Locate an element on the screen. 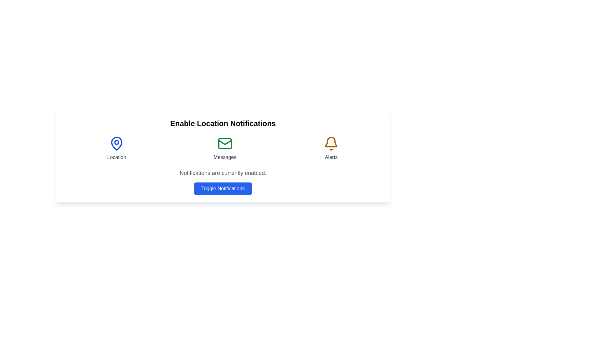 Image resolution: width=601 pixels, height=338 pixels. the gray text label that reads 'Location', positioned at the center of the bottom row in the left section of the interface, beneath a blue location pin icon is located at coordinates (116, 157).